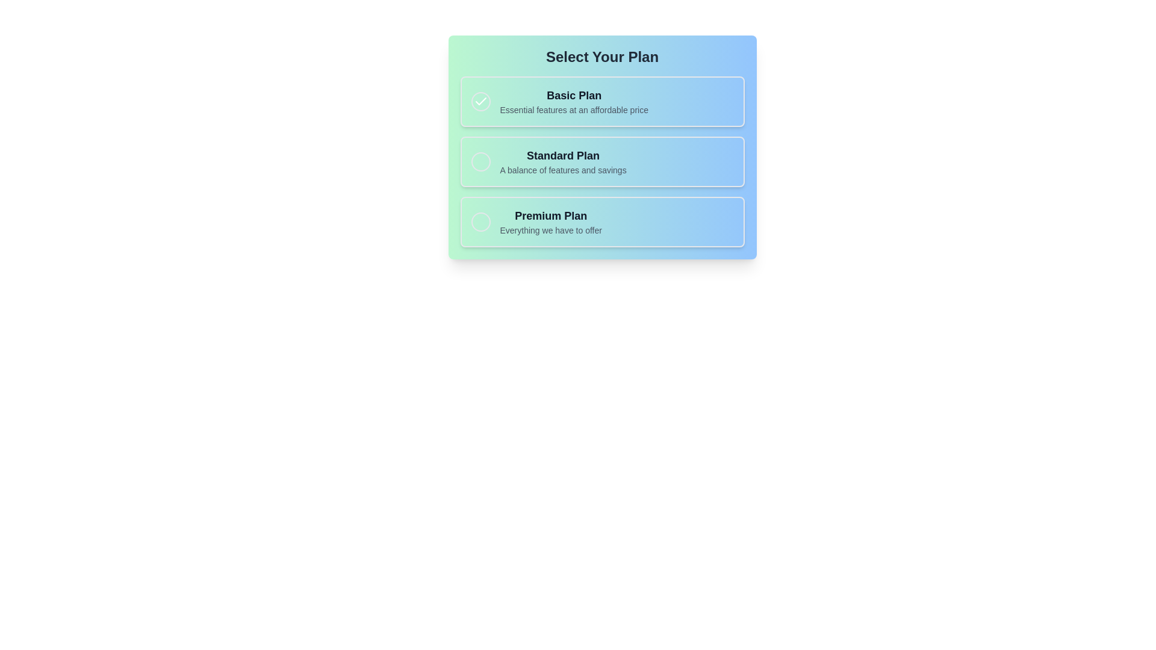 The image size is (1156, 650). I want to click on the checkmark icon indicating the selection or activation of the 'Basic Plan' option, so click(480, 101).